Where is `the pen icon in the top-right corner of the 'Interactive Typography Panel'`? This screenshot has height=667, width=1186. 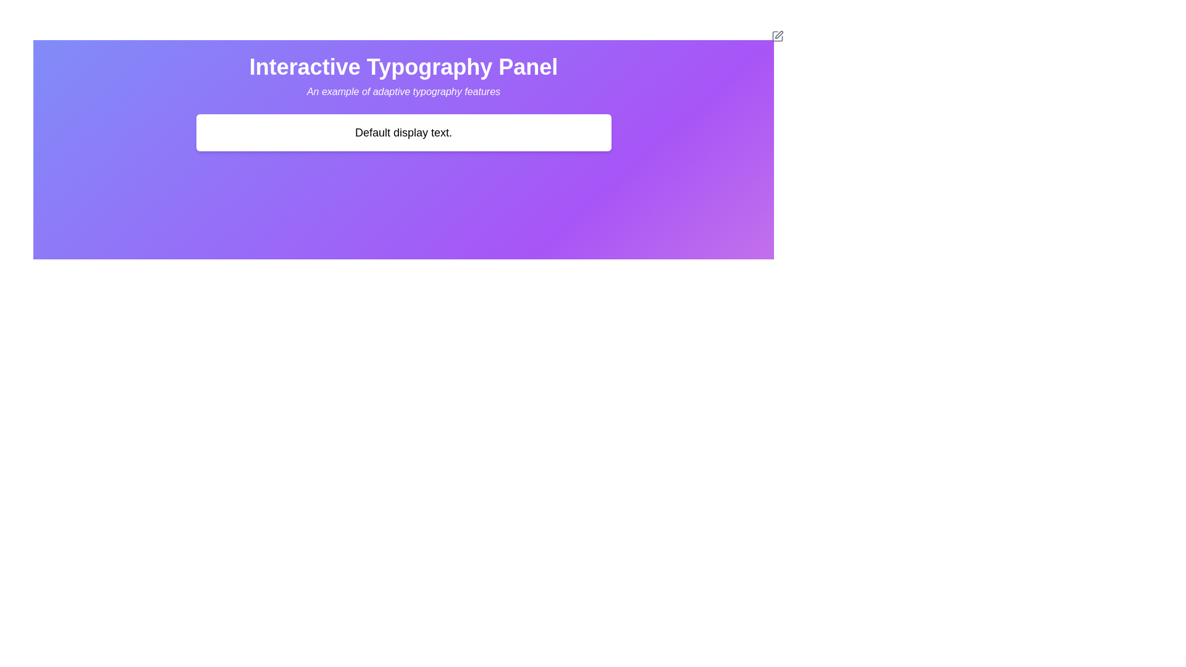 the pen icon in the top-right corner of the 'Interactive Typography Panel' is located at coordinates (778, 34).